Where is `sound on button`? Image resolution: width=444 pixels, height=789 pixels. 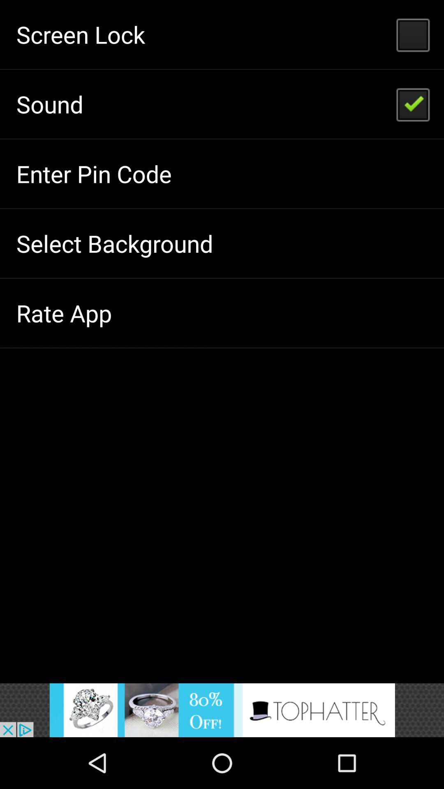 sound on button is located at coordinates (222, 710).